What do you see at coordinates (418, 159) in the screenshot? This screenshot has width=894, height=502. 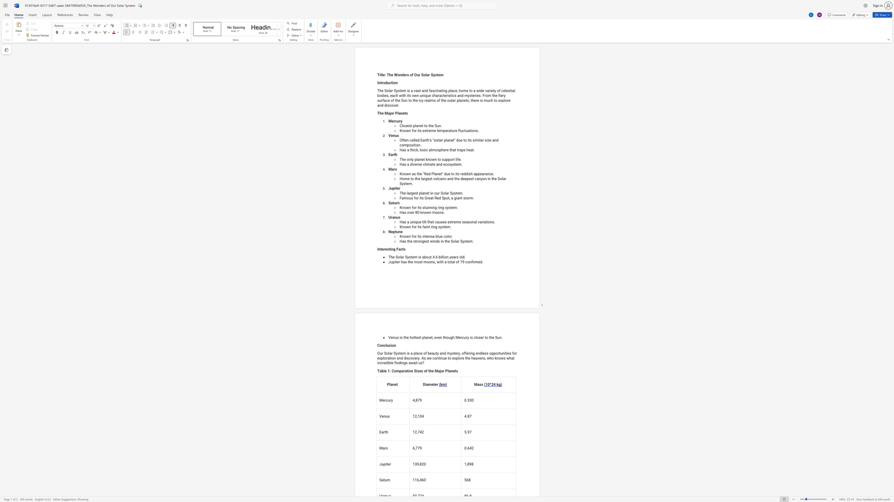 I see `the 1th character "a" in the text` at bounding box center [418, 159].